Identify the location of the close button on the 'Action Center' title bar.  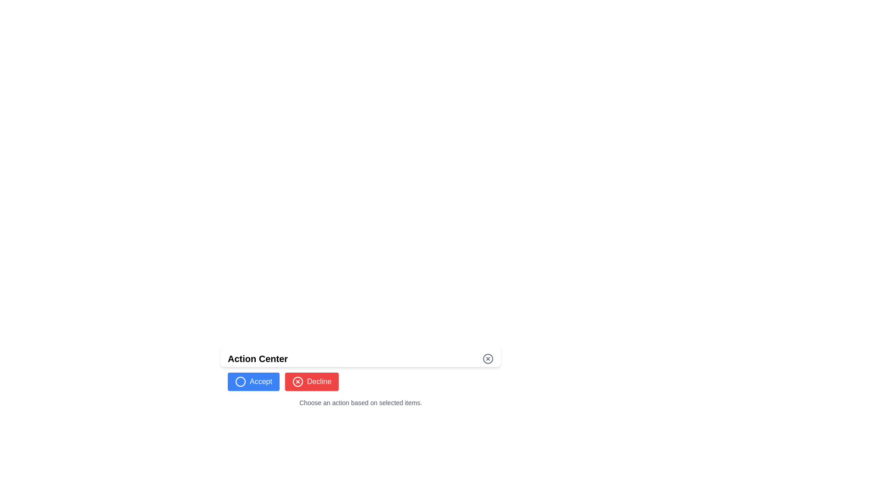
(360, 355).